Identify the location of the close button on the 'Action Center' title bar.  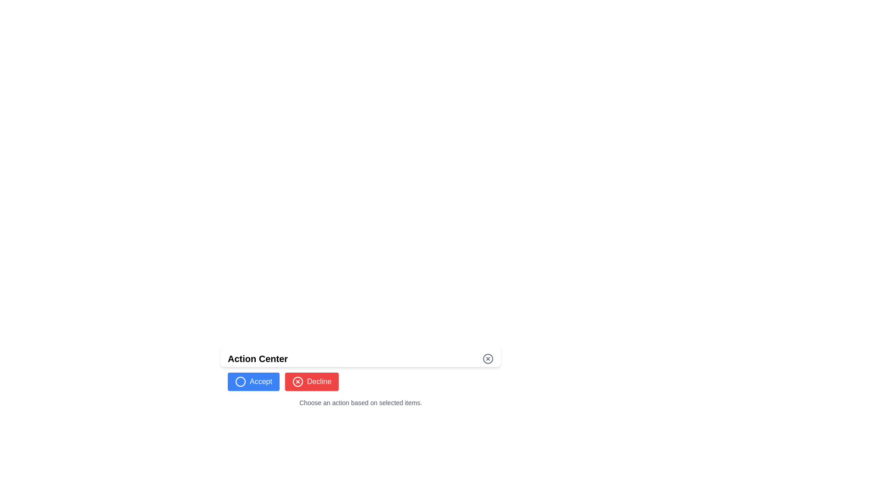
(360, 355).